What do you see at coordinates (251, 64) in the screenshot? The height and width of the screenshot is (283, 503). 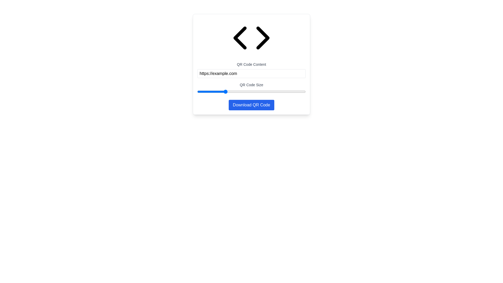 I see `the static text label displaying 'QR Code Content', which is styled in gray and positioned above the input field` at bounding box center [251, 64].